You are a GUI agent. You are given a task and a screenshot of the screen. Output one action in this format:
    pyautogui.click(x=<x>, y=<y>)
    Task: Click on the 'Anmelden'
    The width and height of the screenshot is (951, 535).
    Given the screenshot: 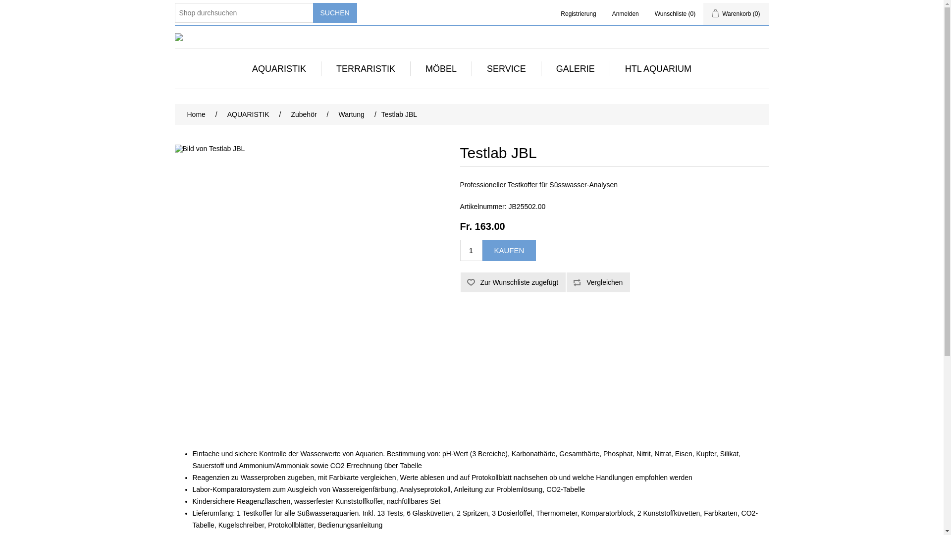 What is the action you would take?
    pyautogui.click(x=625, y=14)
    